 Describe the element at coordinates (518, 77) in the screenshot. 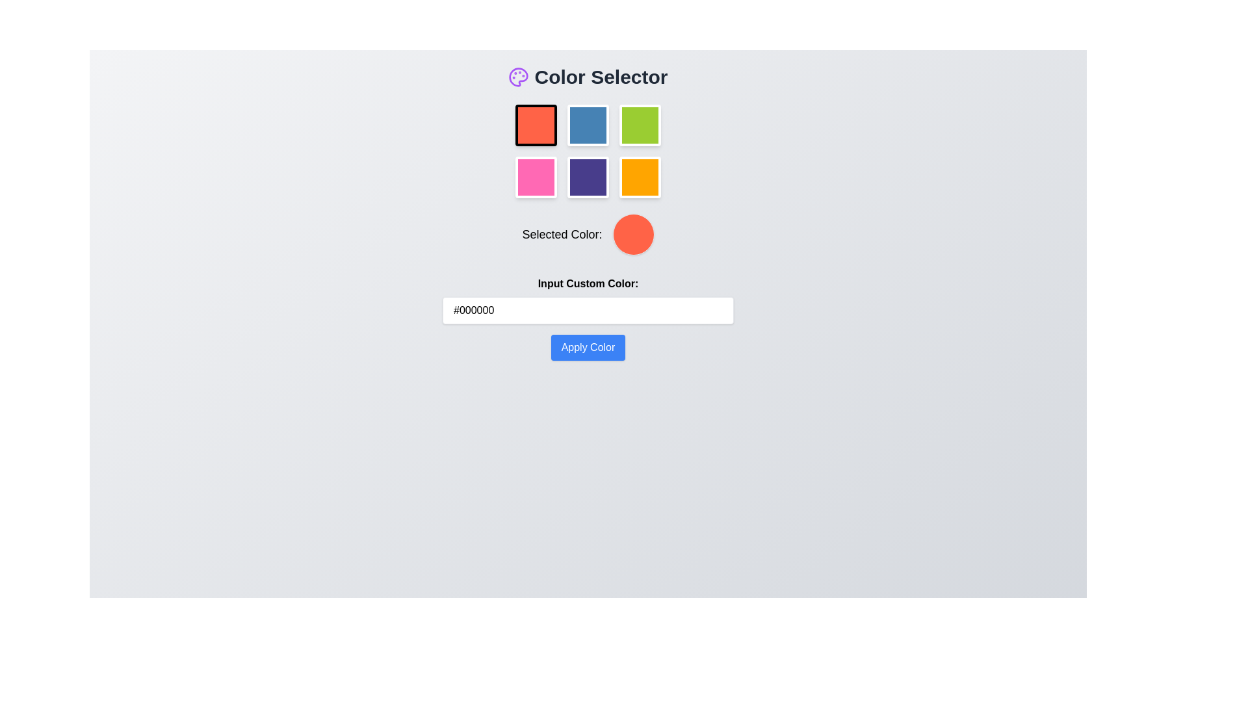

I see `the purple painter's palette icon located to the left of the 'Color Selector' title` at that location.